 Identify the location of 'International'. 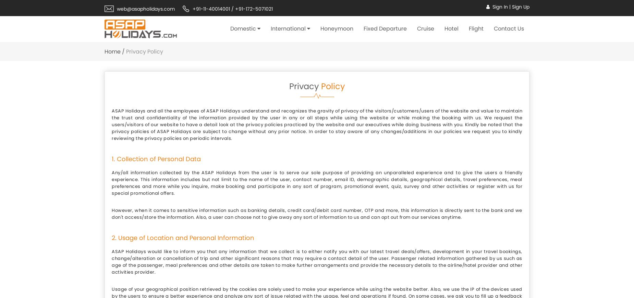
(288, 28).